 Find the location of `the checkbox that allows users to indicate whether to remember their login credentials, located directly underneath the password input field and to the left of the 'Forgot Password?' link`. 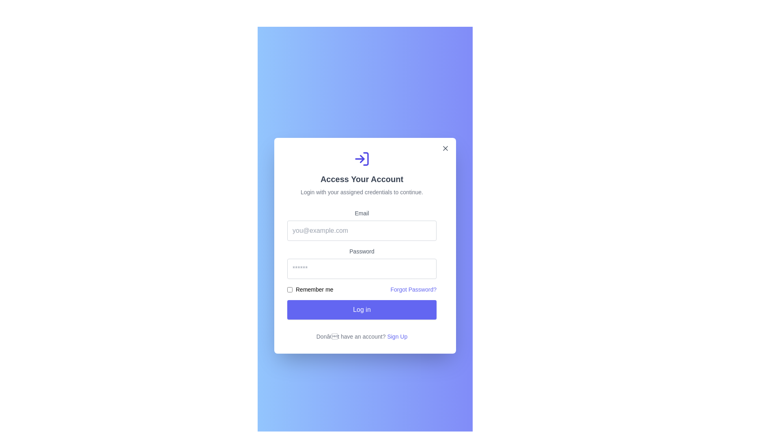

the checkbox that allows users to indicate whether to remember their login credentials, located directly underneath the password input field and to the left of the 'Forgot Password?' link is located at coordinates (310, 289).